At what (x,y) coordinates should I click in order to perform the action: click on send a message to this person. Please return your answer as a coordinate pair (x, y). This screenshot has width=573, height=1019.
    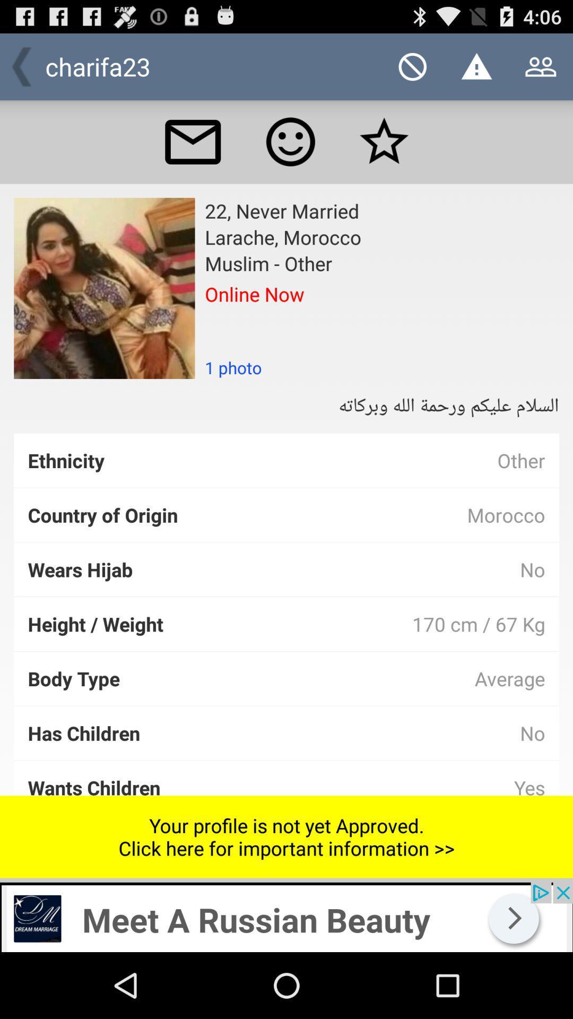
    Looking at the image, I should click on (193, 141).